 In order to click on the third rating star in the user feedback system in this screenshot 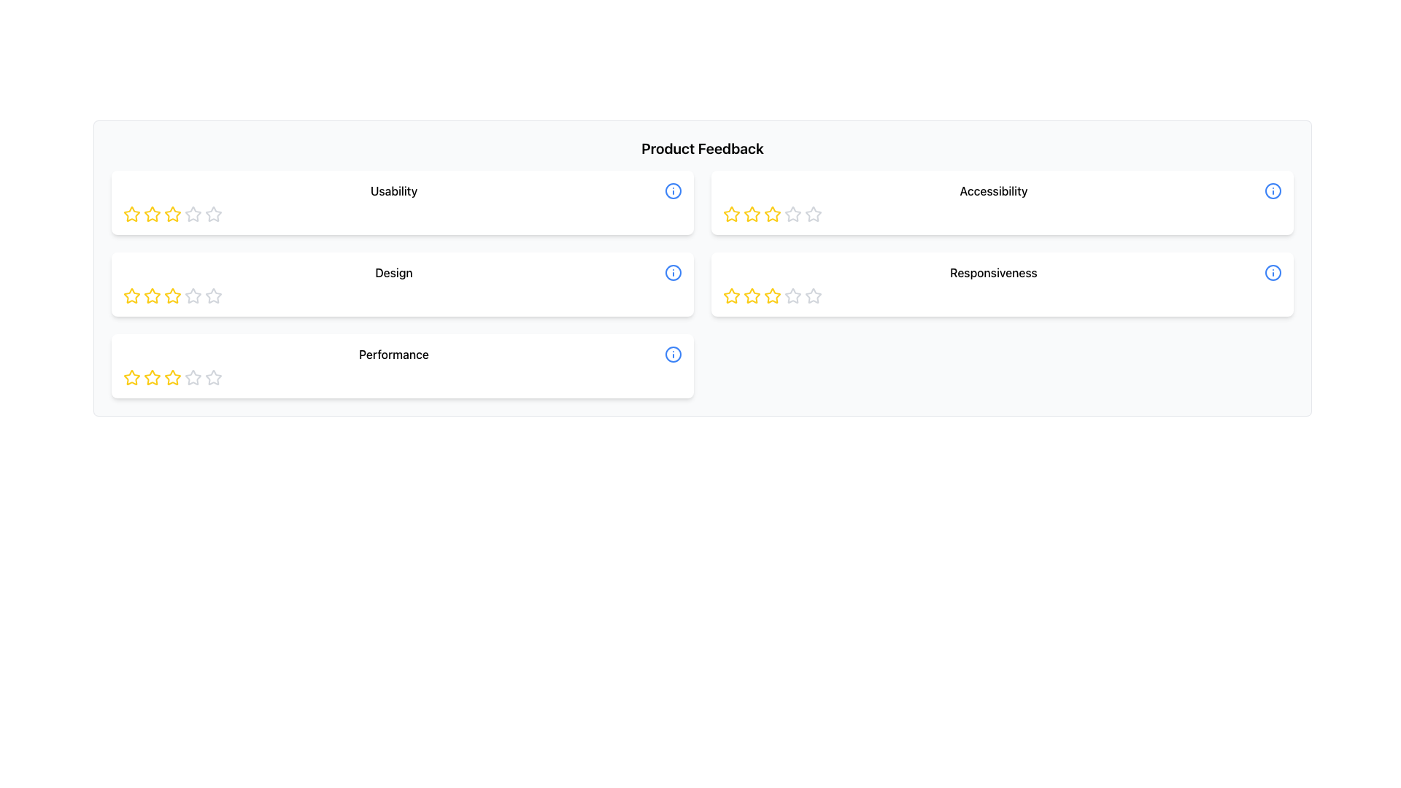, I will do `click(192, 214)`.